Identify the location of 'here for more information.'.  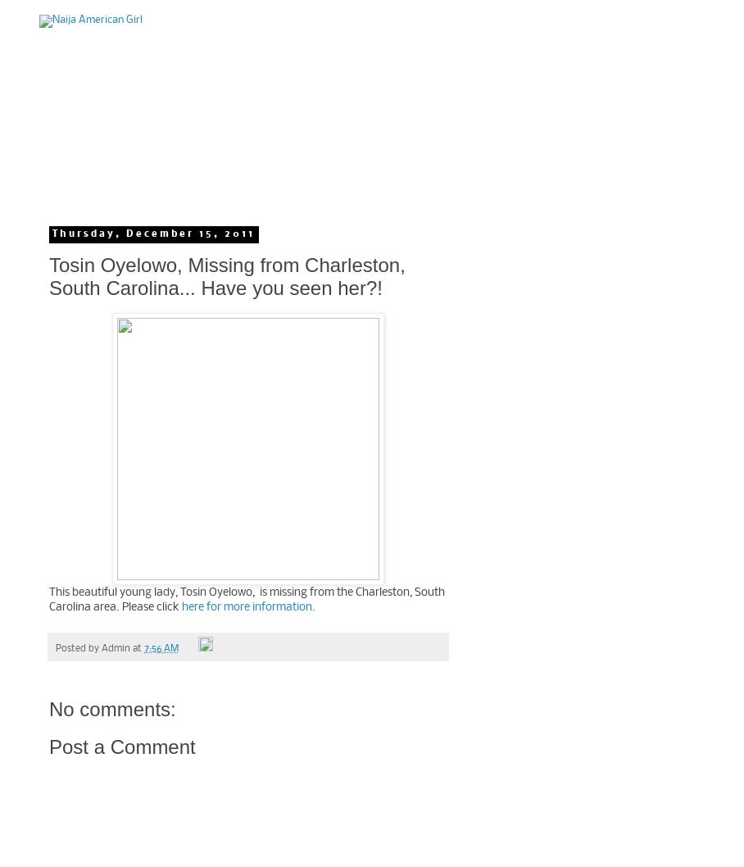
(182, 607).